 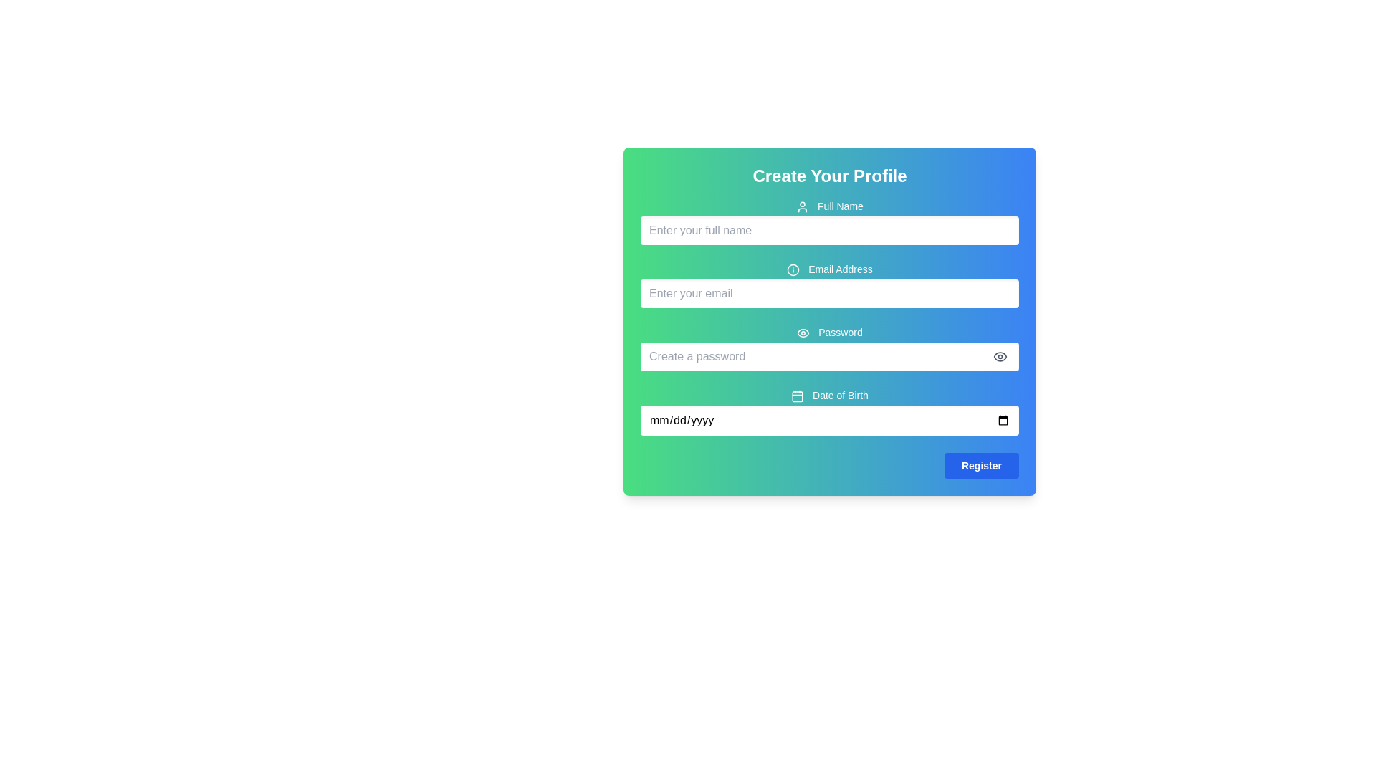 I want to click on the 'Full Name' label, which is a textual label in white color with a user silhouette icon to its left, located near the top of the form, so click(x=829, y=206).